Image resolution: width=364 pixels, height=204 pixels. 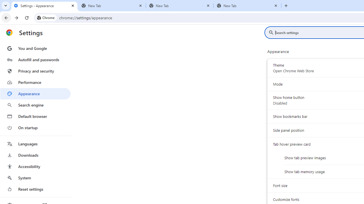 What do you see at coordinates (35, 116) in the screenshot?
I see `'Default browser'` at bounding box center [35, 116].